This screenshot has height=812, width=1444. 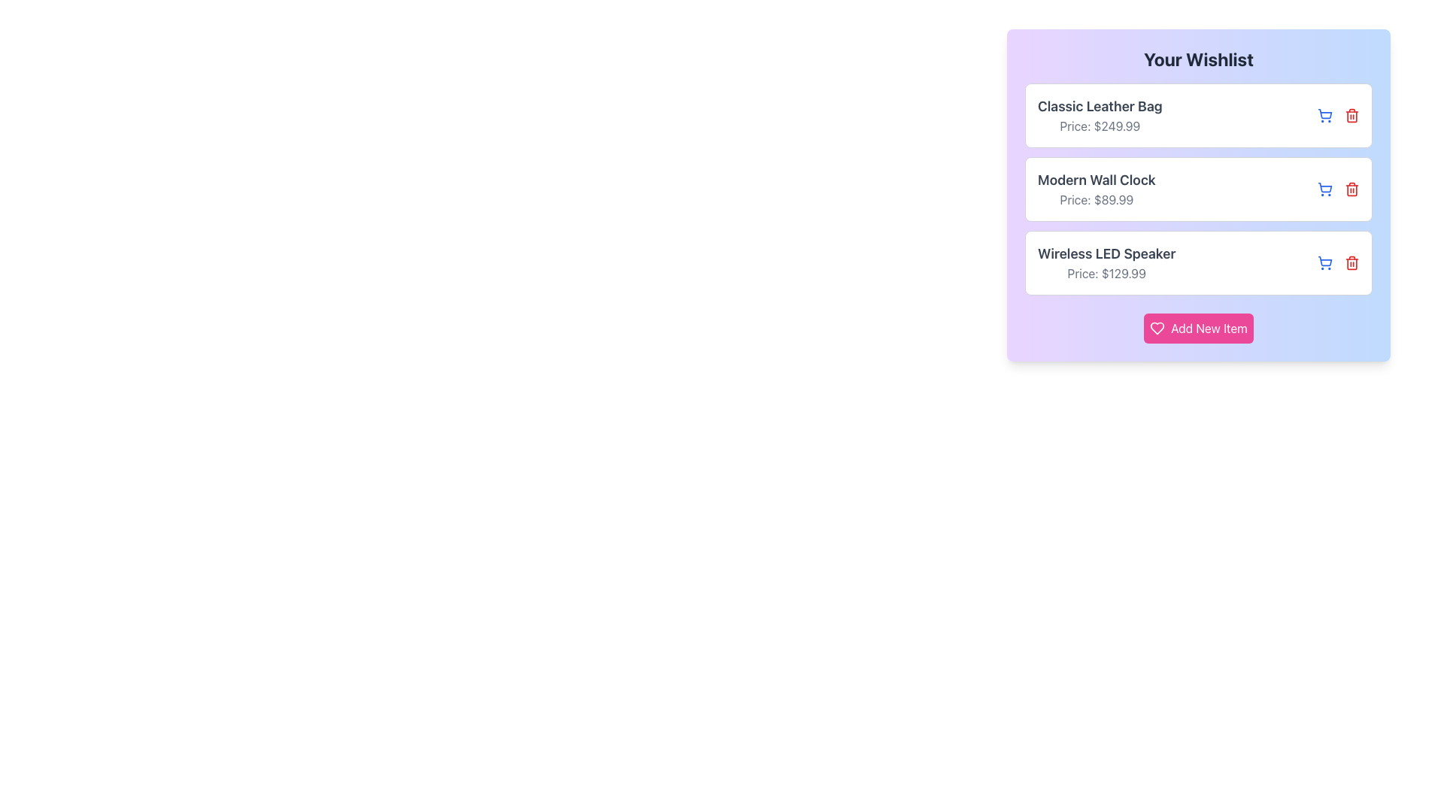 What do you see at coordinates (1157, 327) in the screenshot?
I see `the heart icon located inside the 'Add New Item' button at the leftmost part of the button within the 'Your Wishlist' card` at bounding box center [1157, 327].